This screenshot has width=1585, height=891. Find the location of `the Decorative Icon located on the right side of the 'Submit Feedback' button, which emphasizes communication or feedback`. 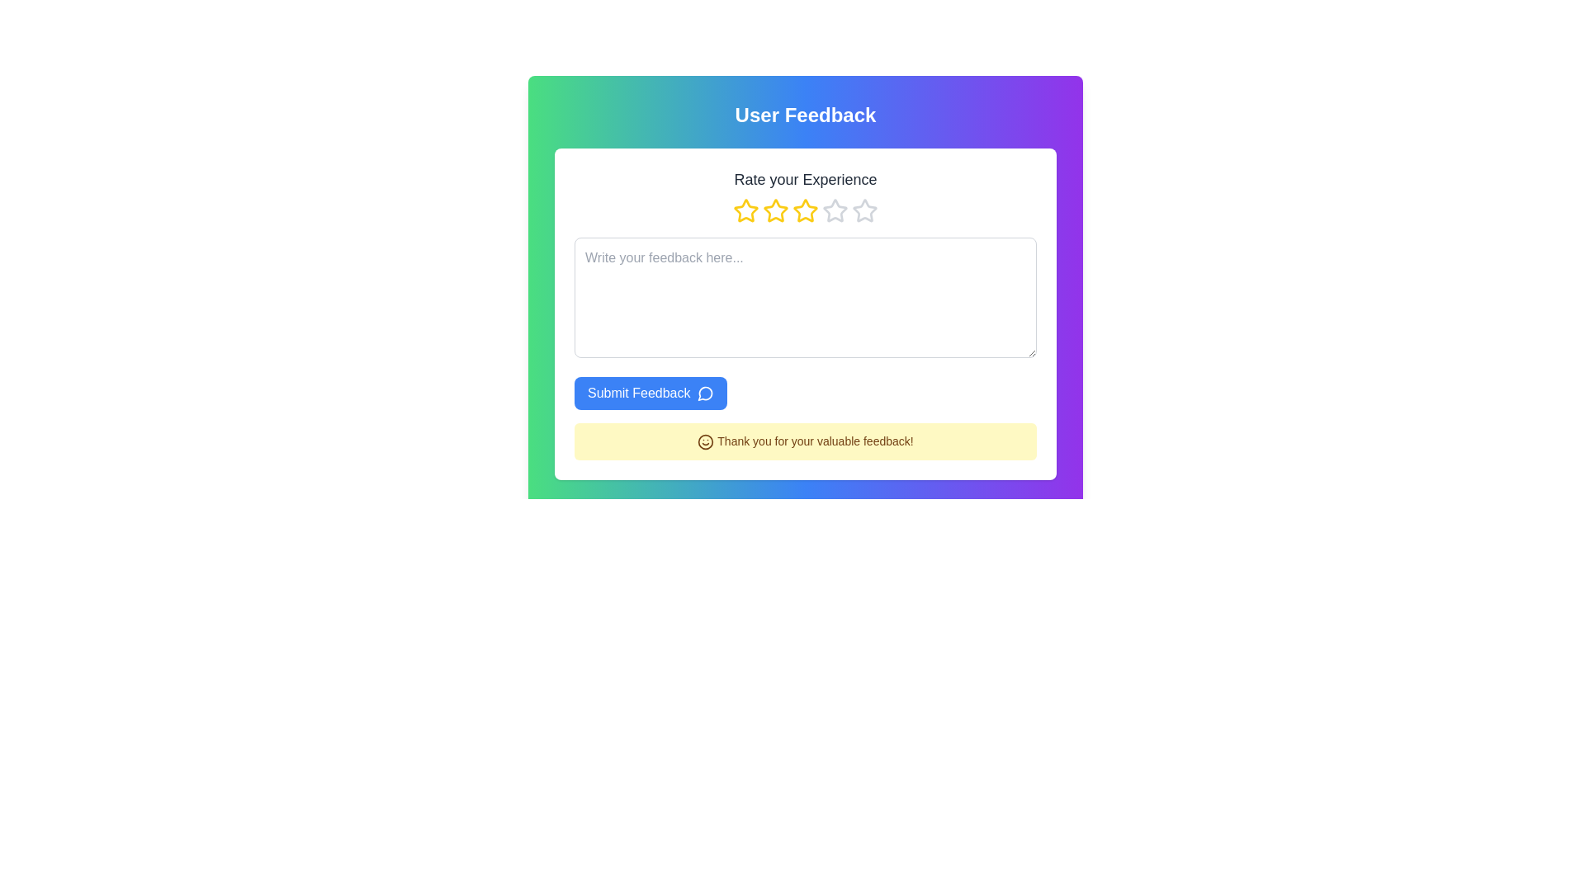

the Decorative Icon located on the right side of the 'Submit Feedback' button, which emphasizes communication or feedback is located at coordinates (705, 394).